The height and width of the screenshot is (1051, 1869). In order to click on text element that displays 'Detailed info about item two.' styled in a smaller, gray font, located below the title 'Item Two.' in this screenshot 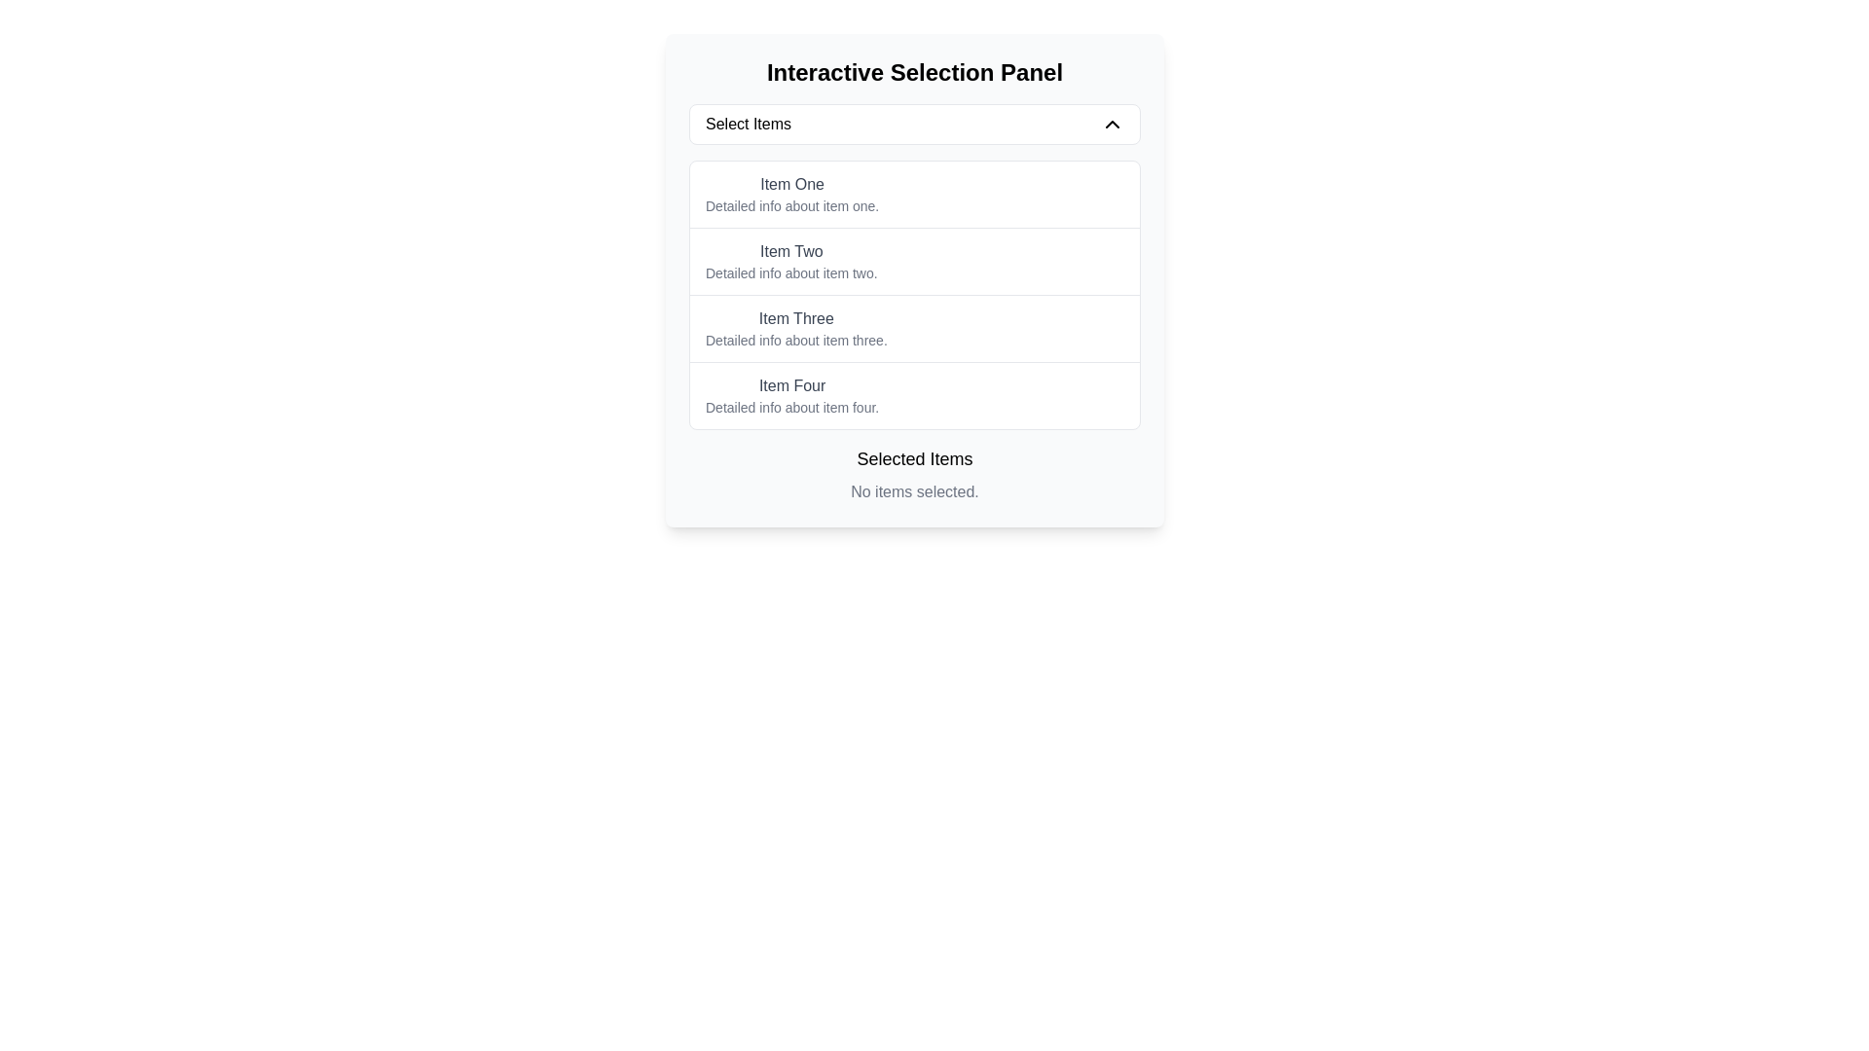, I will do `click(791, 273)`.